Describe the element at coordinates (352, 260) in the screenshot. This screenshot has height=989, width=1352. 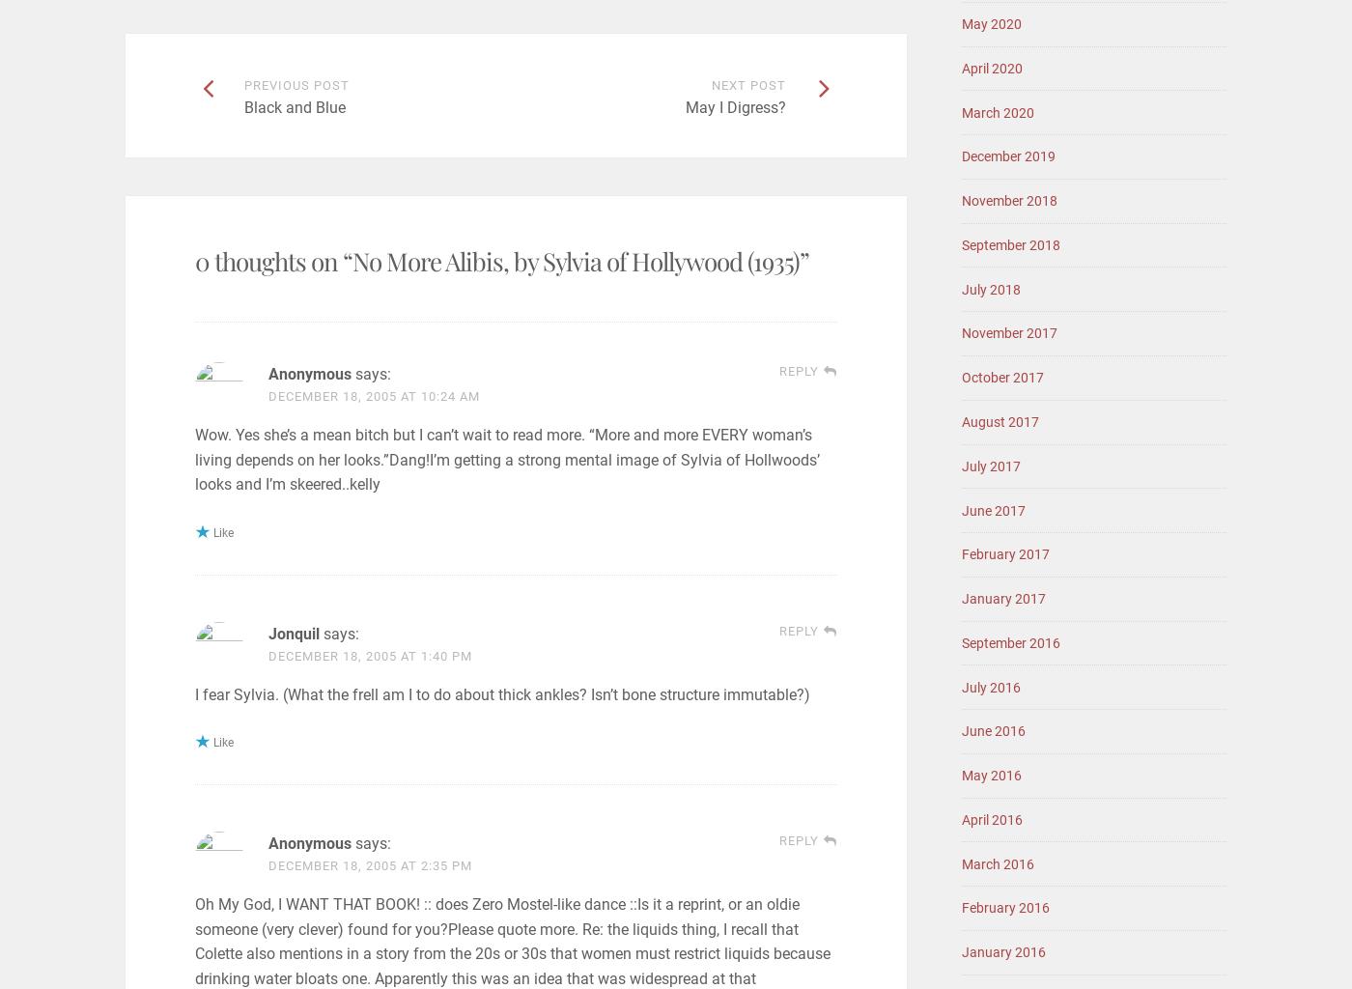
I see `'No More Alibis,  by Sylvia of Hollywood (1935)'` at that location.